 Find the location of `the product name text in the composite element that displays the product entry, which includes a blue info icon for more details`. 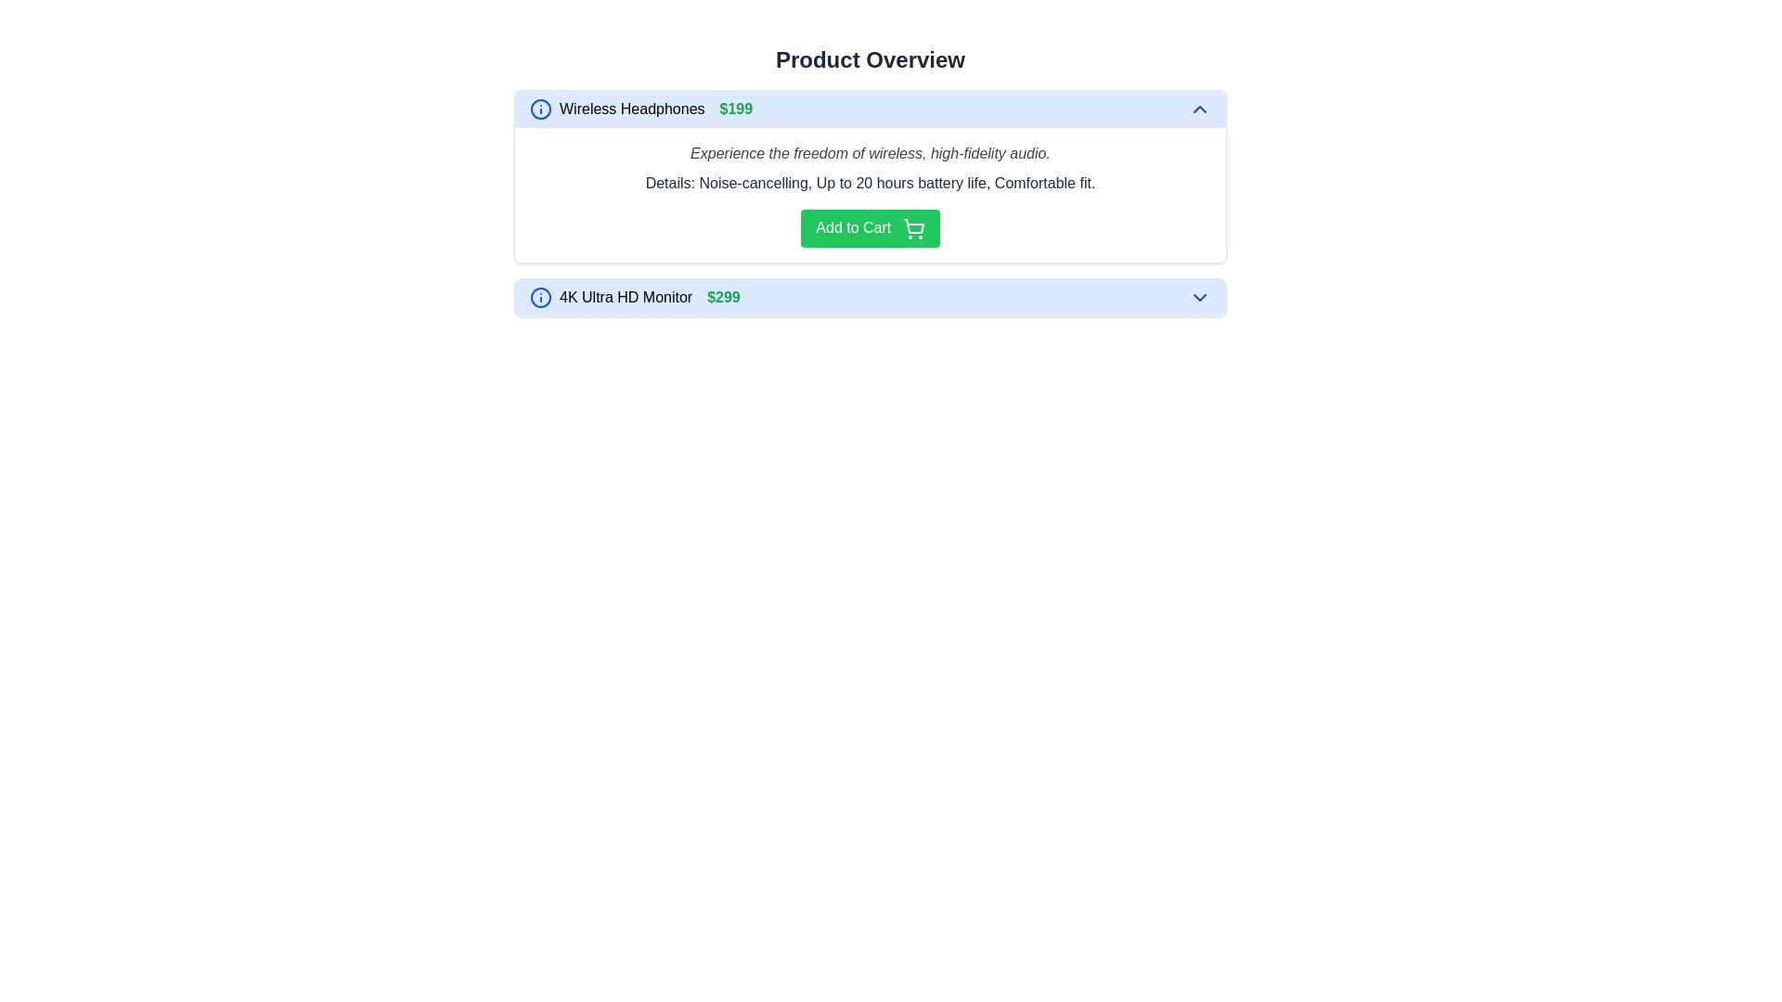

the product name text in the composite element that displays the product entry, which includes a blue info icon for more details is located at coordinates (635, 296).